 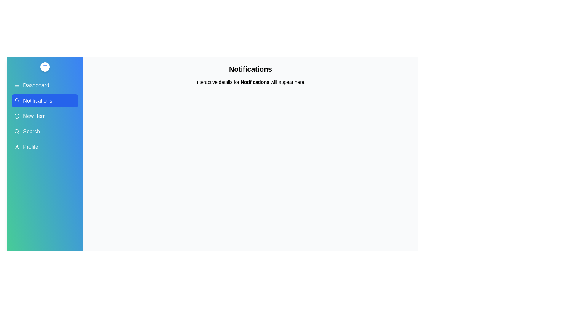 What do you see at coordinates (45, 116) in the screenshot?
I see `the menu item New Item to view its hover effect` at bounding box center [45, 116].